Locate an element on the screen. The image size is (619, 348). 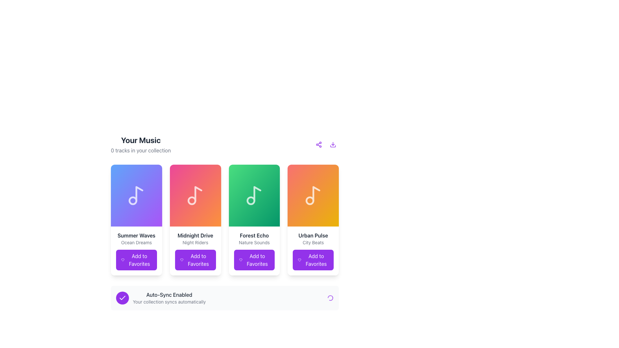
the button located at the bottom of the third card in a horizontal list of four cards, which adds the 'Forest Echo' song to the user's favorites list, to trigger a hover state is located at coordinates (254, 251).